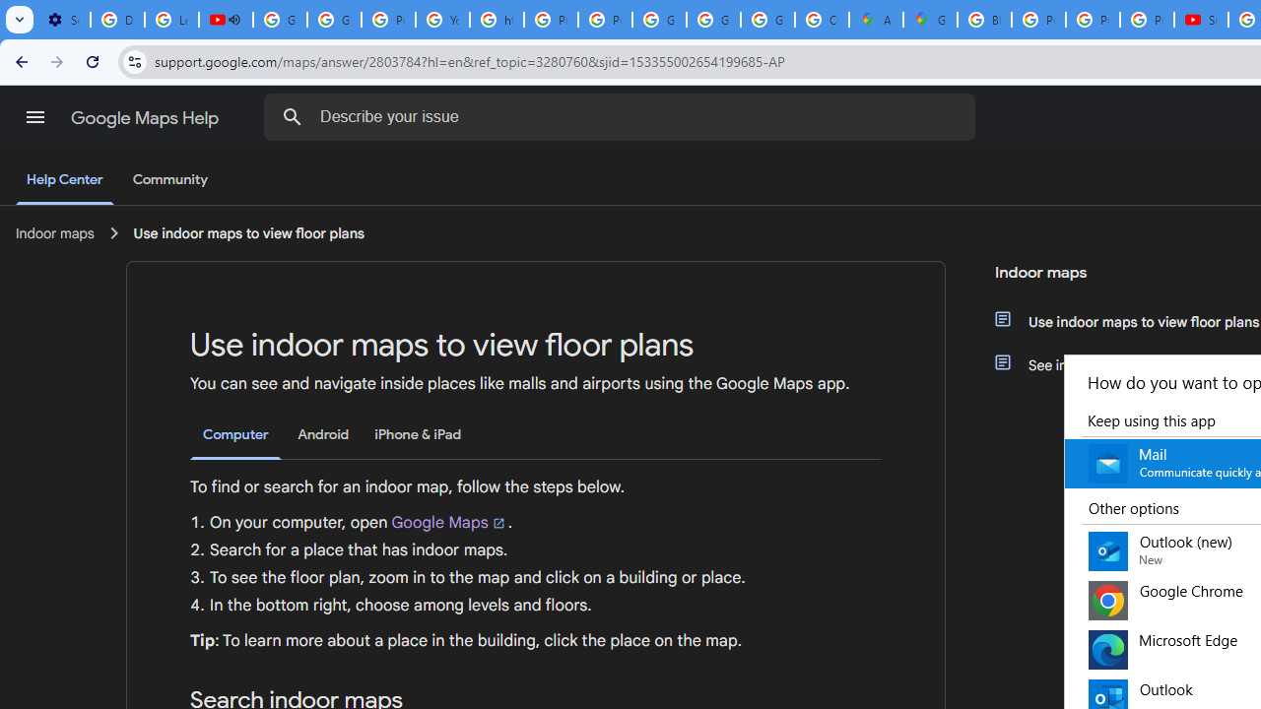  I want to click on 'iPhone & iPad', so click(417, 433).